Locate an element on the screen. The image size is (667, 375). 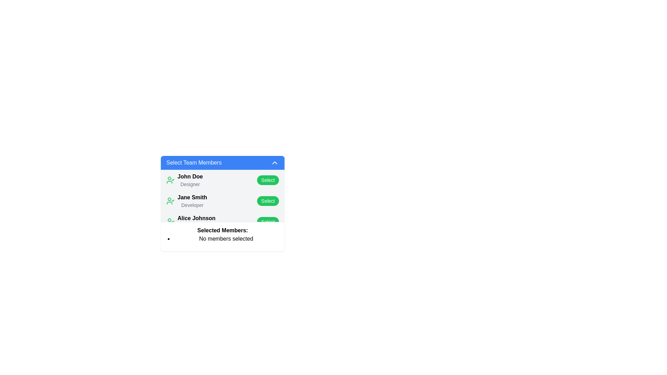
the button located to the right of 'John Doe Designer' is located at coordinates (267, 180).